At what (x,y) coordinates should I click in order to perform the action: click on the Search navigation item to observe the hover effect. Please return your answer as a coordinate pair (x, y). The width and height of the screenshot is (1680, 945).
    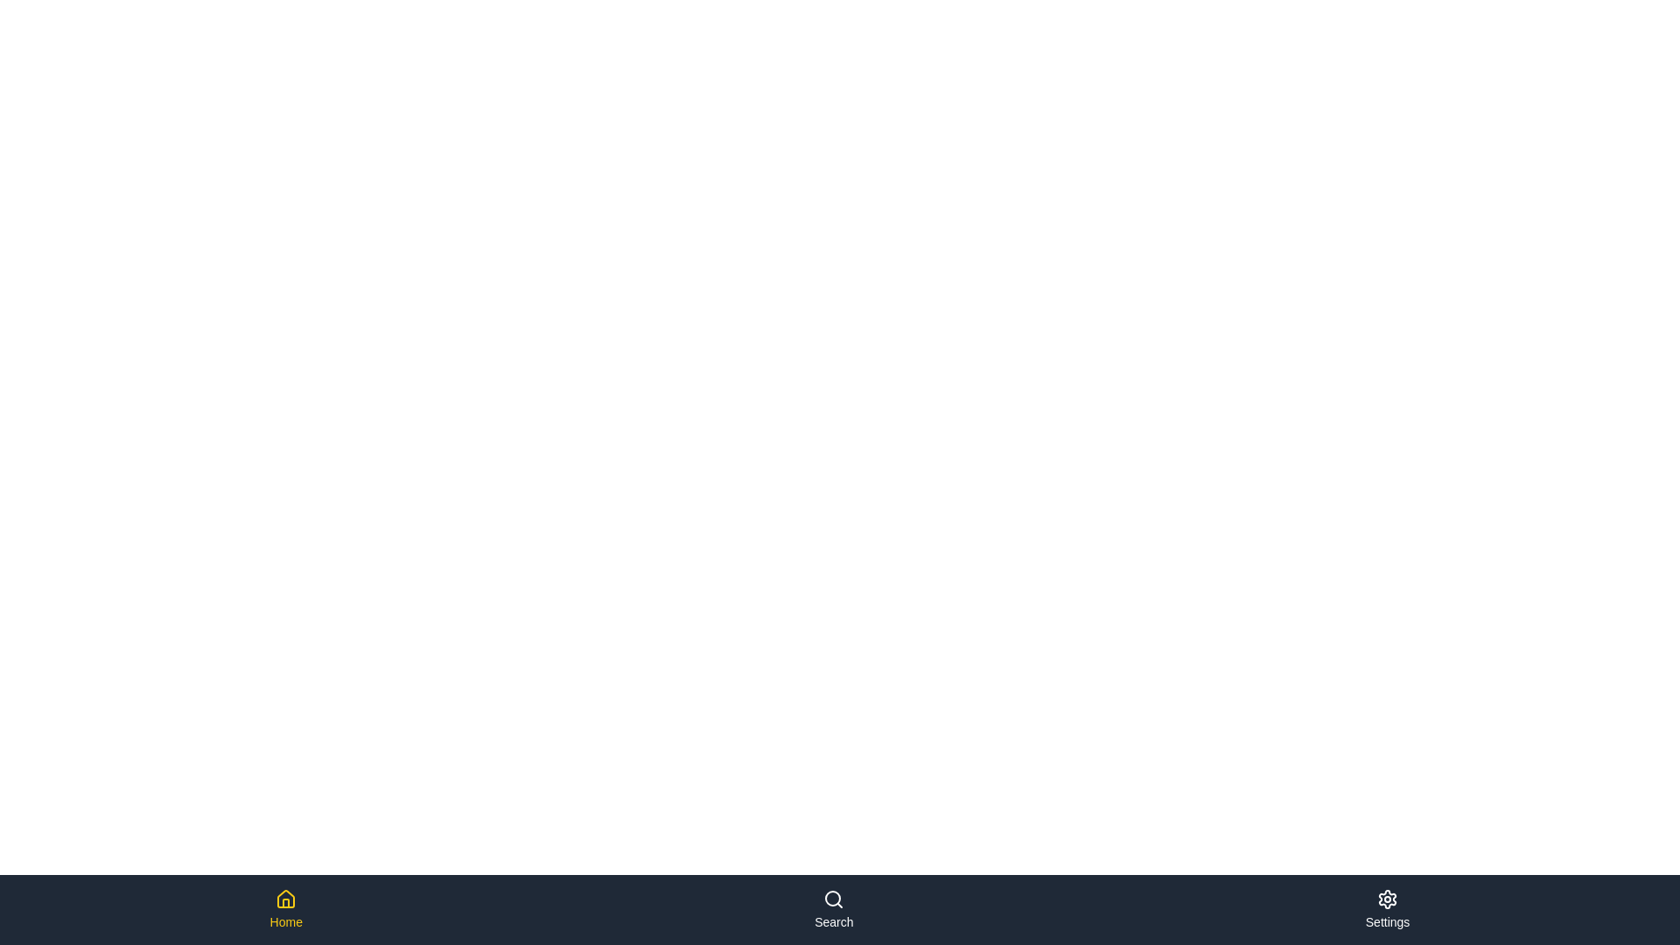
    Looking at the image, I should click on (833, 909).